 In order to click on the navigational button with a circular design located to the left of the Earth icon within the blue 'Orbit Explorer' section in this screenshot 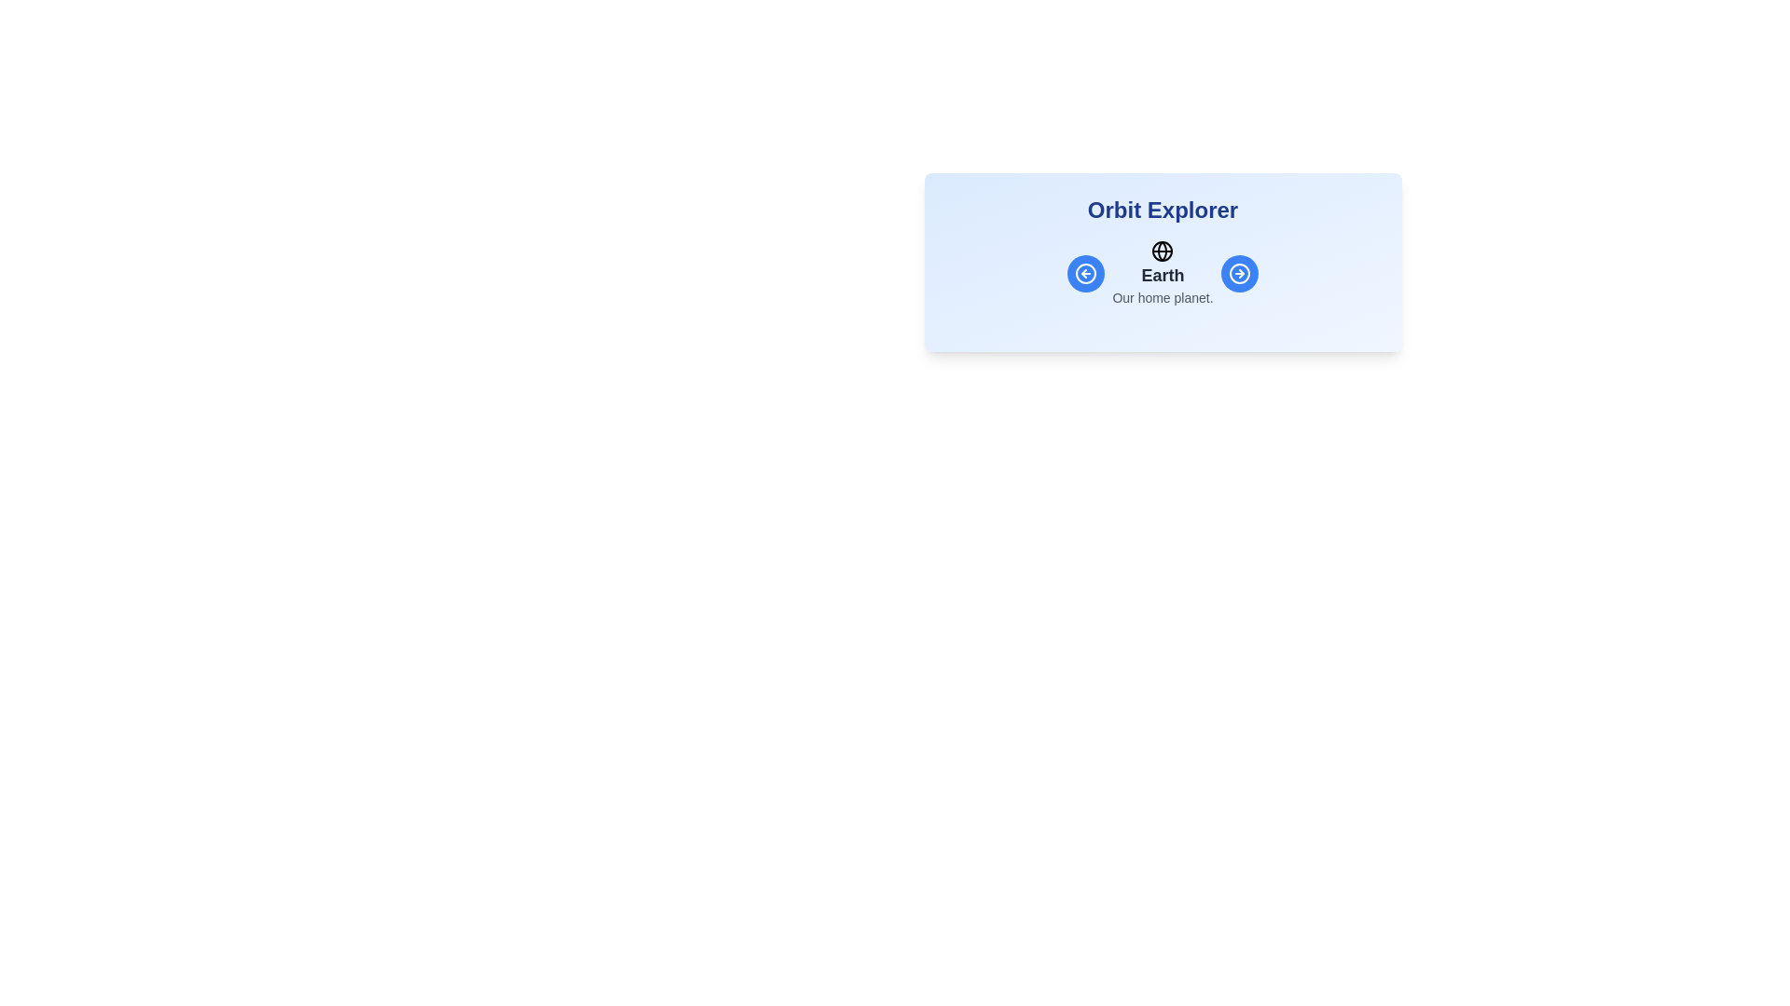, I will do `click(1086, 273)`.